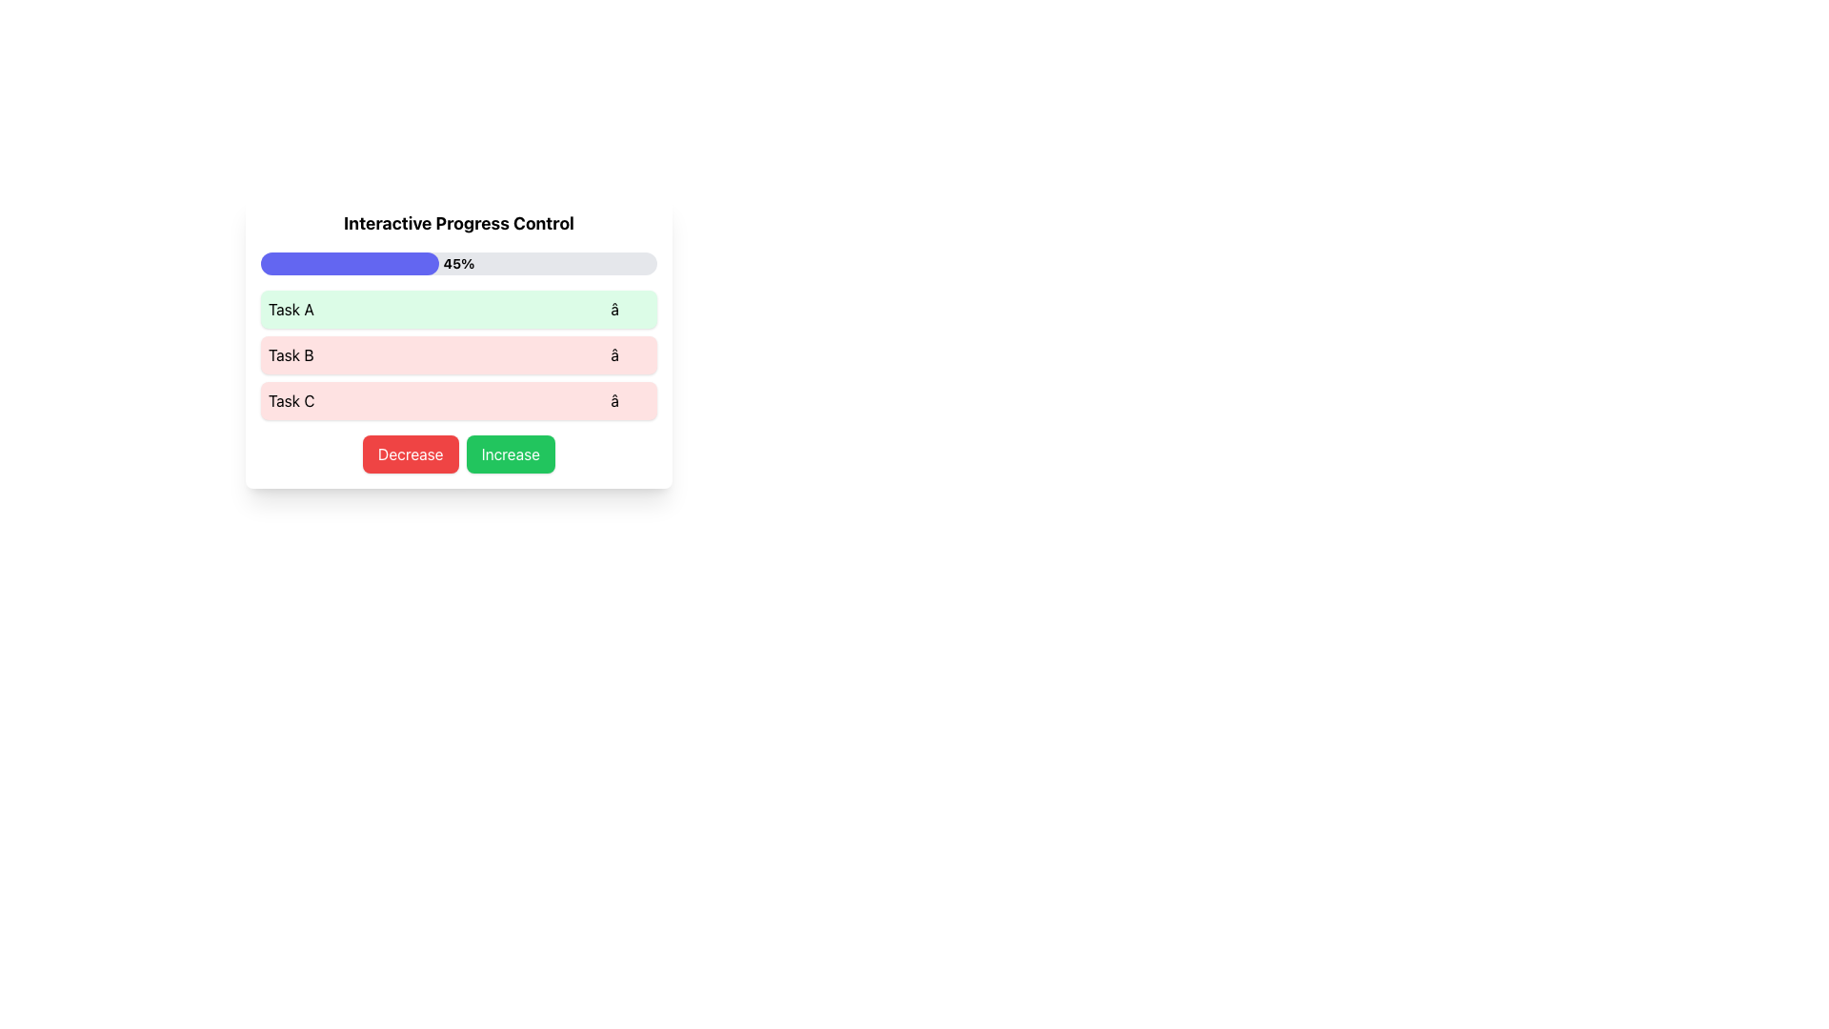 This screenshot has width=1829, height=1029. I want to click on the 'Task B' button, which has a light red background and contains the text 'Task B' aligned to the left, so click(458, 355).